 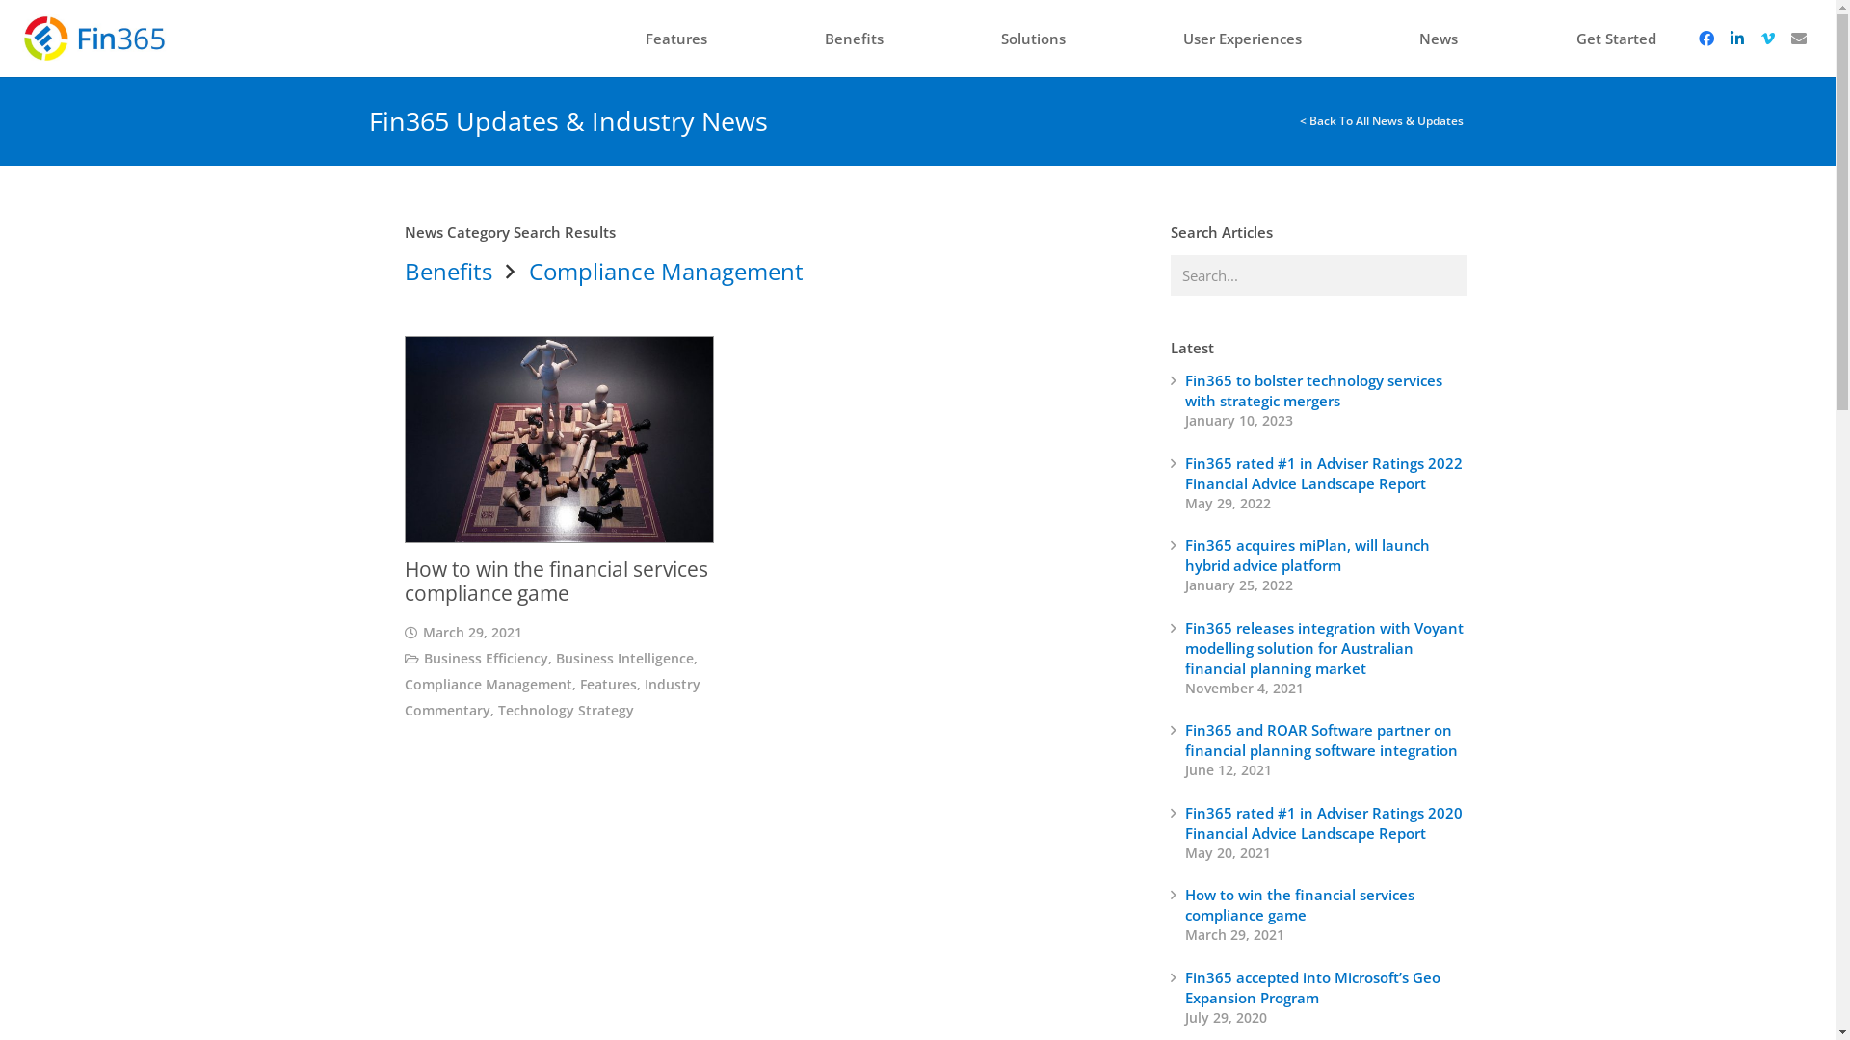 I want to click on 'Business Intelligence', so click(x=624, y=657).